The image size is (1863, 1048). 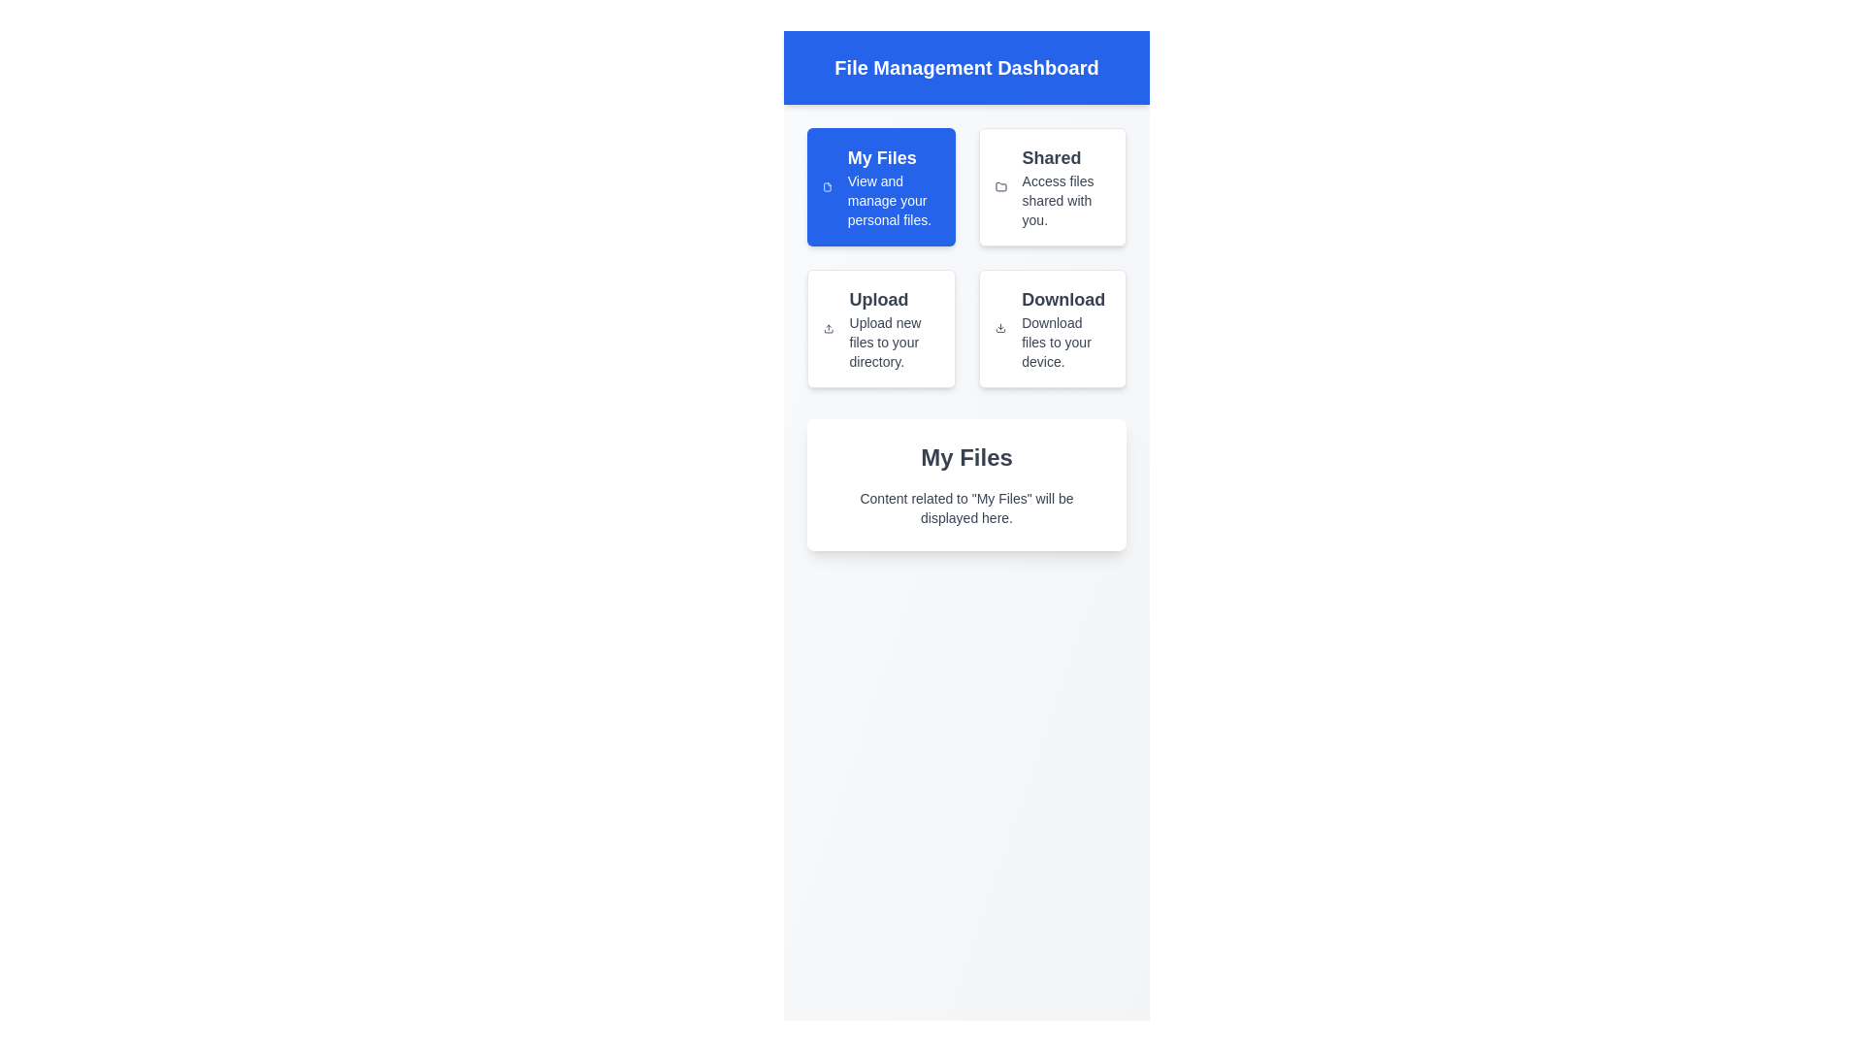 I want to click on informative text positioned below the 'My Files' heading in the application, so click(x=966, y=508).